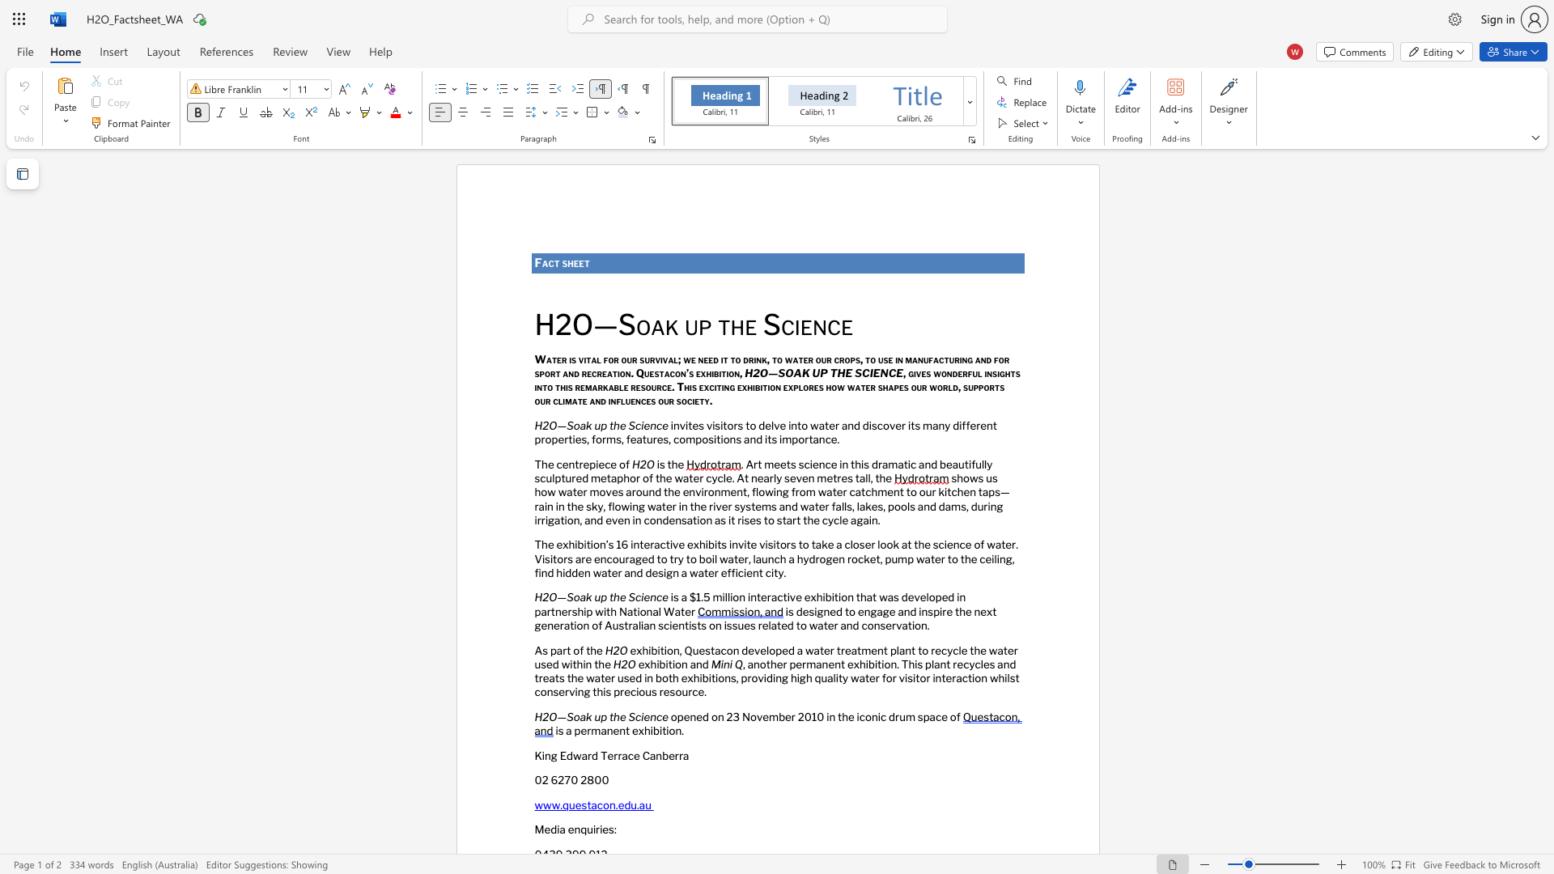 Image resolution: width=1554 pixels, height=874 pixels. I want to click on the subset text "t the cycle" within the text "rain in the sky, flowing water in the river systems and water falls, lakes, pools and dams, during irrigation, and even in condensation as it rises to start the cycle again.", so click(796, 520).